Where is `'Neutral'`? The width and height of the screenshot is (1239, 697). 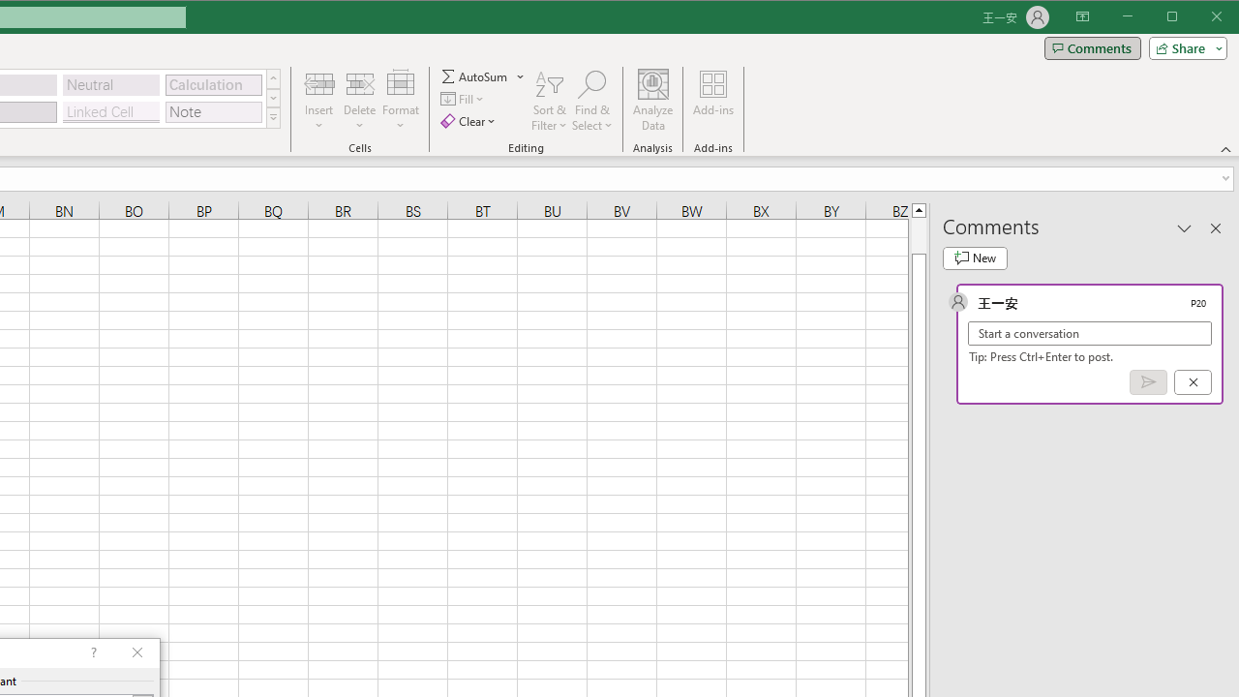 'Neutral' is located at coordinates (109, 84).